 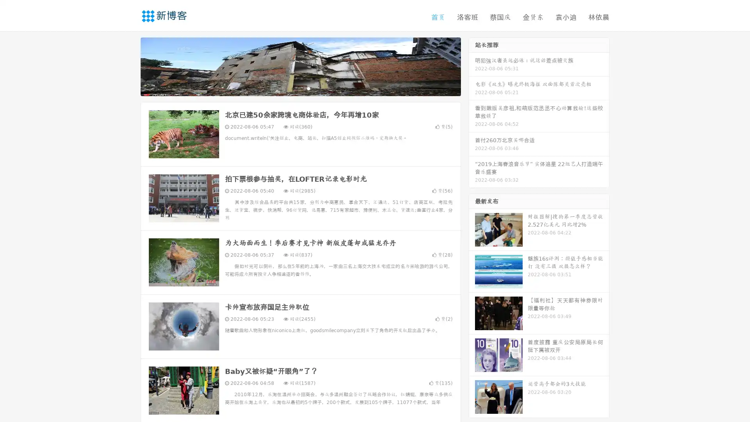 I want to click on Next slide, so click(x=472, y=66).